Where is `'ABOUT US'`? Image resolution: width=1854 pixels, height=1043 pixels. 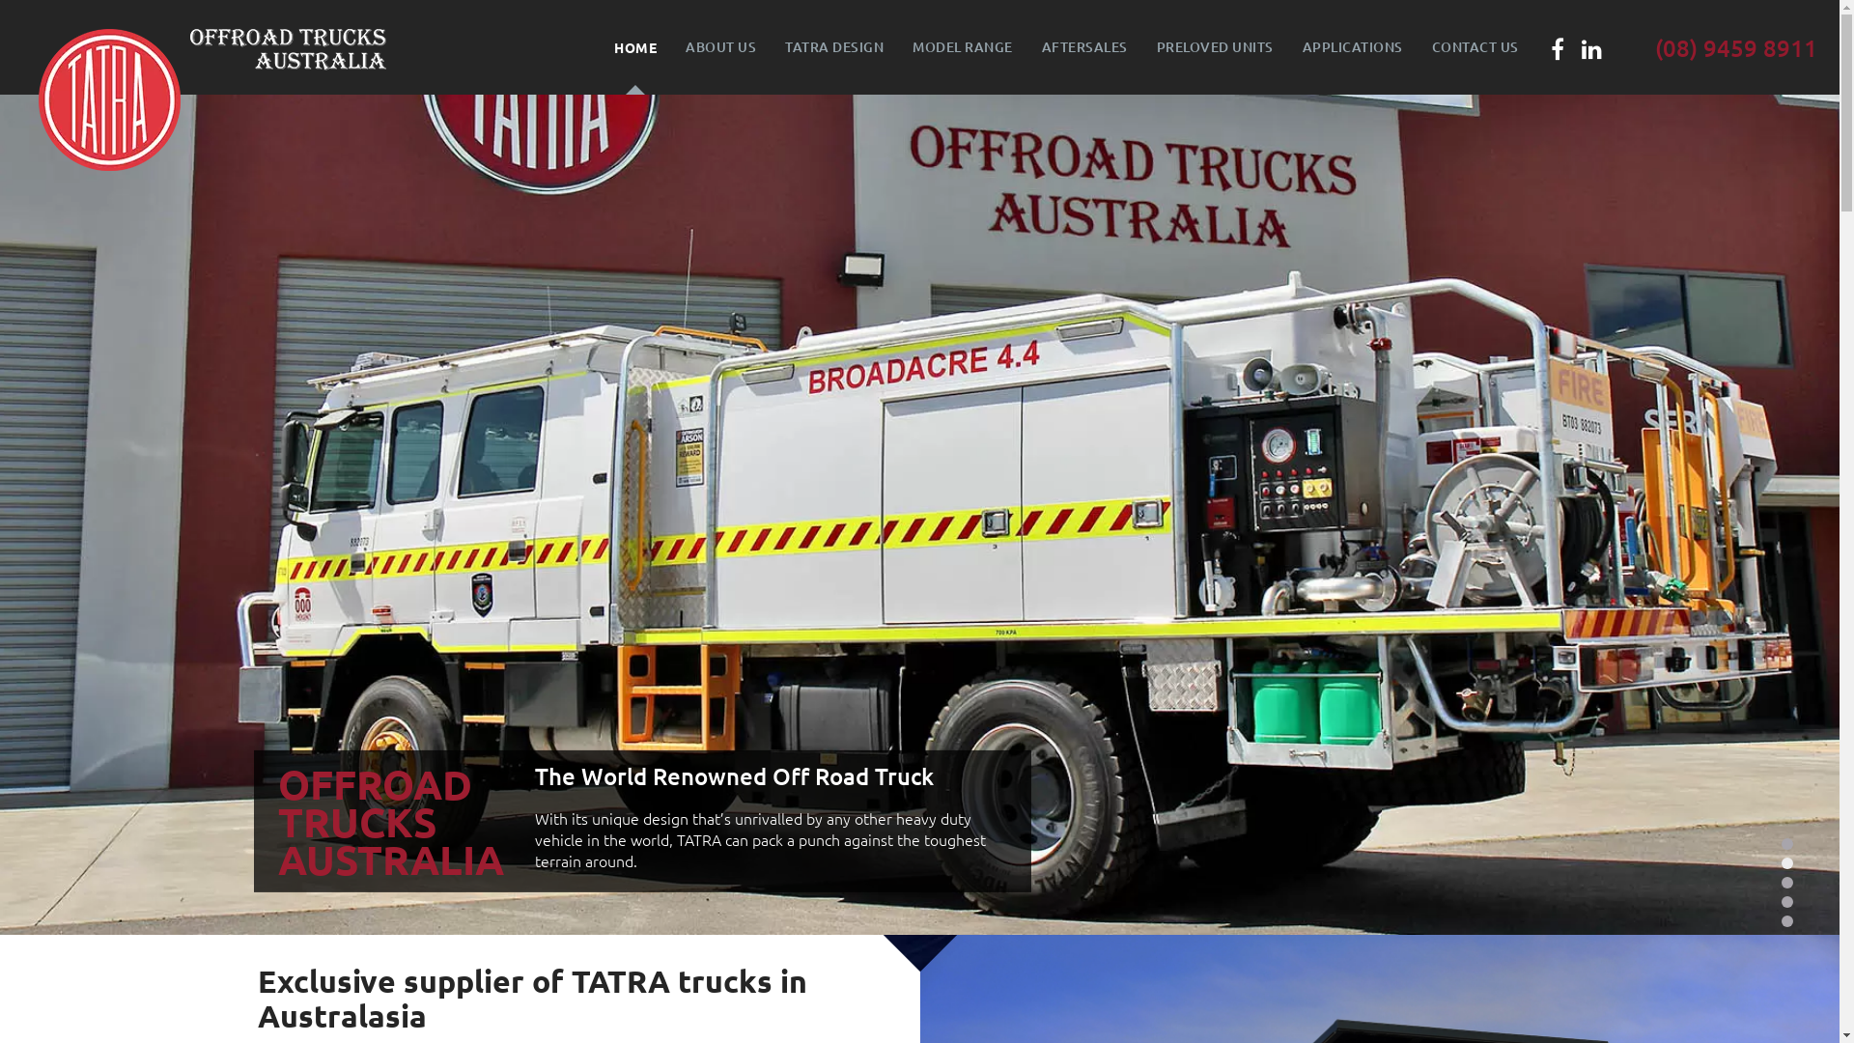 'ABOUT US' is located at coordinates (671, 46).